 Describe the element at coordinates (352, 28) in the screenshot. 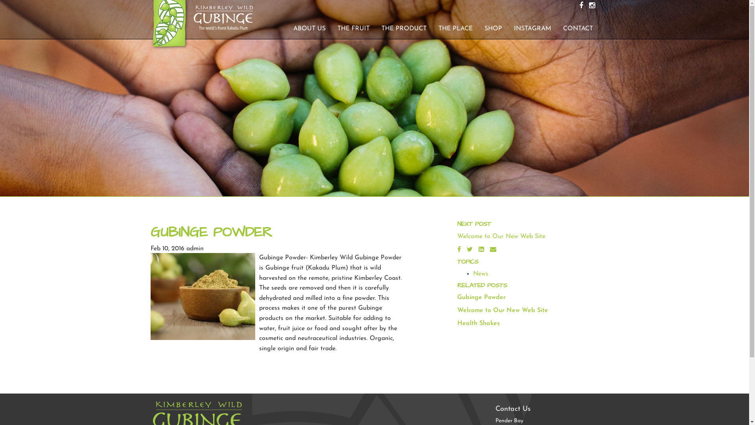

I see `'THE FRUIT'` at that location.